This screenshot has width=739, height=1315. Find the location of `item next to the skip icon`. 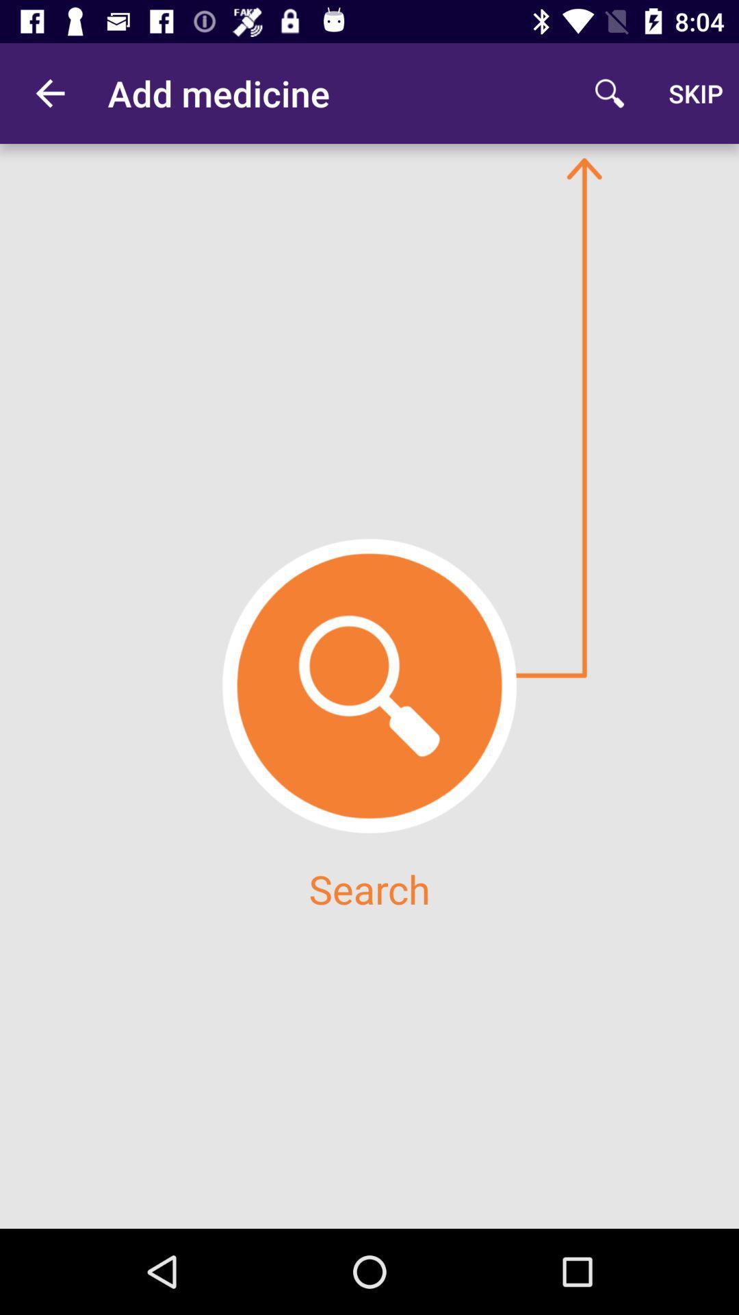

item next to the skip icon is located at coordinates (609, 92).